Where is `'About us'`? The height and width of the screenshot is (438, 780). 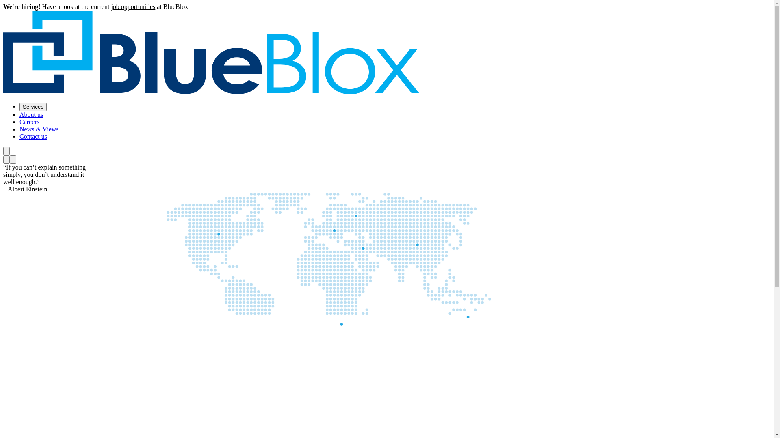 'About us' is located at coordinates (31, 114).